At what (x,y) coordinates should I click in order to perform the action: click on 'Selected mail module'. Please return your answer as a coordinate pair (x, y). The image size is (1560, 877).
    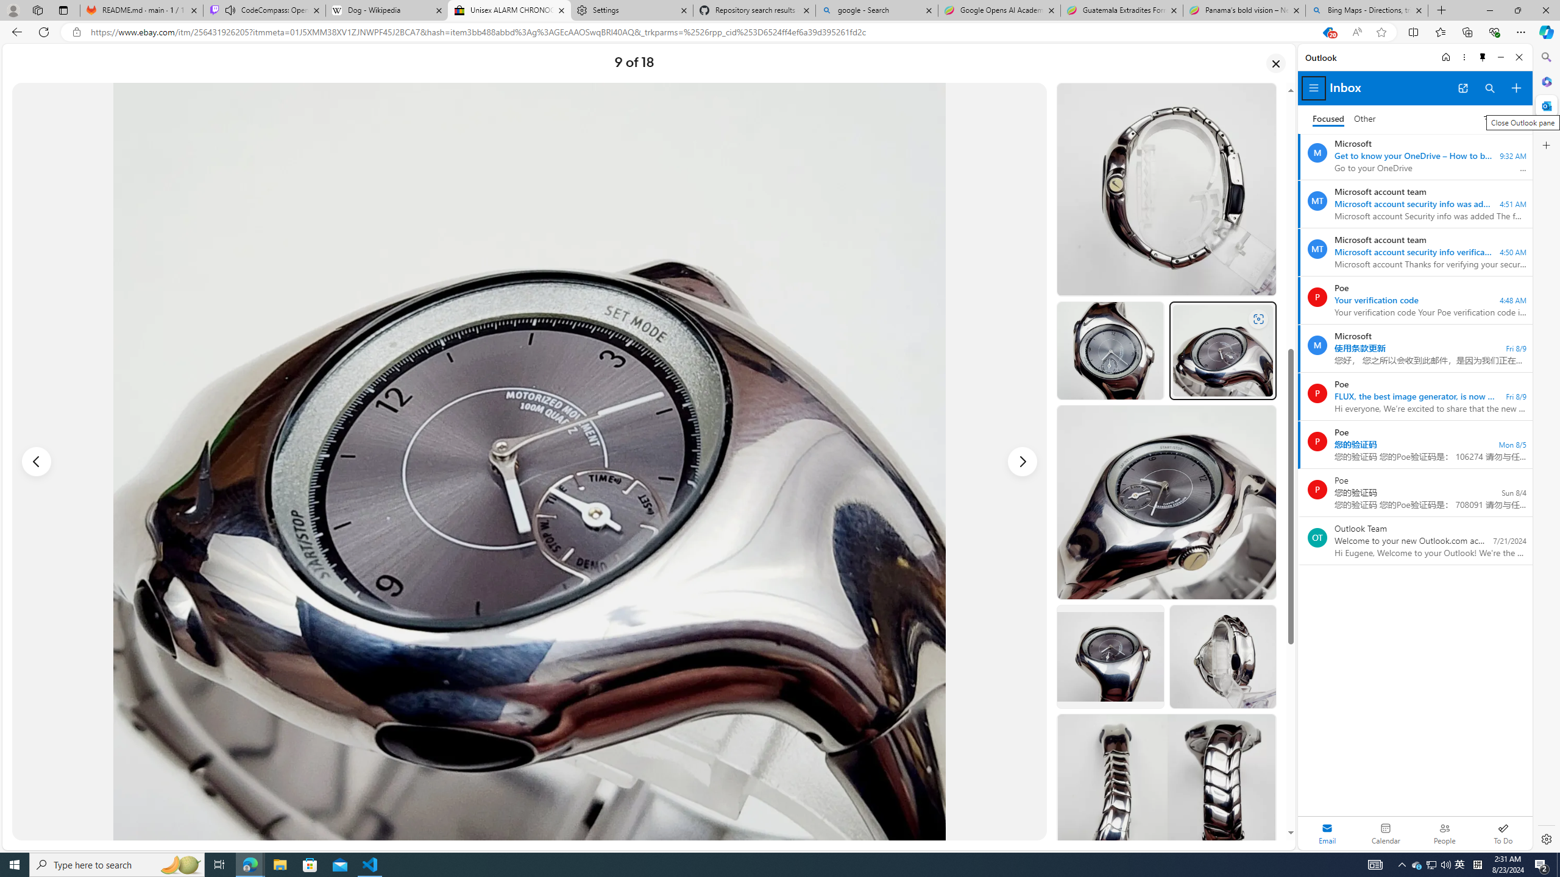
    Looking at the image, I should click on (1327, 833).